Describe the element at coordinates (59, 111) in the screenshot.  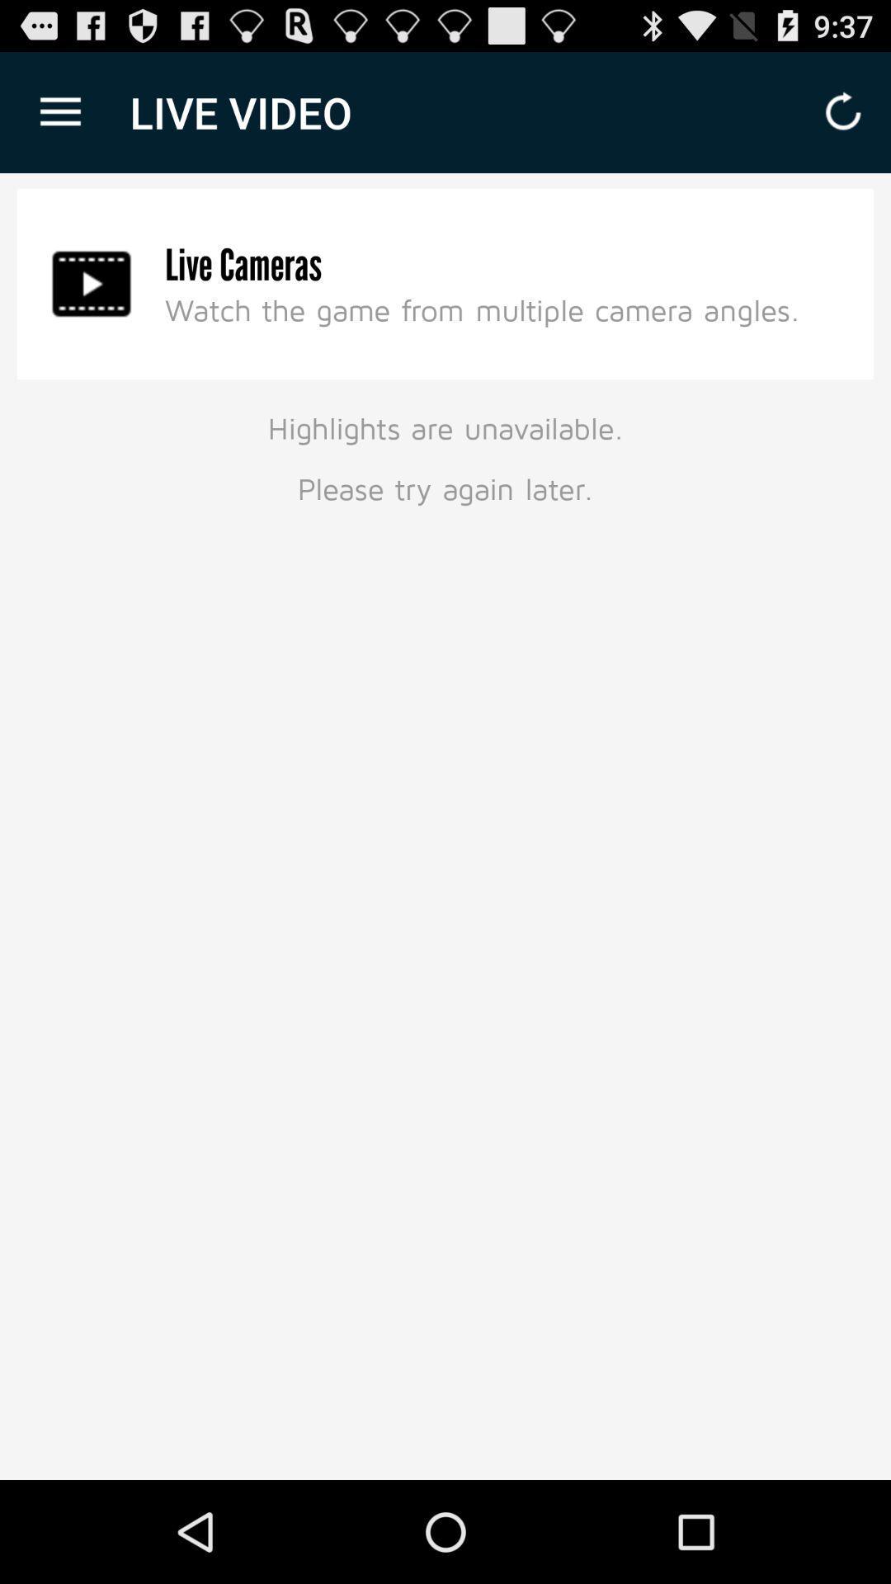
I see `icon to the left of the live video app` at that location.